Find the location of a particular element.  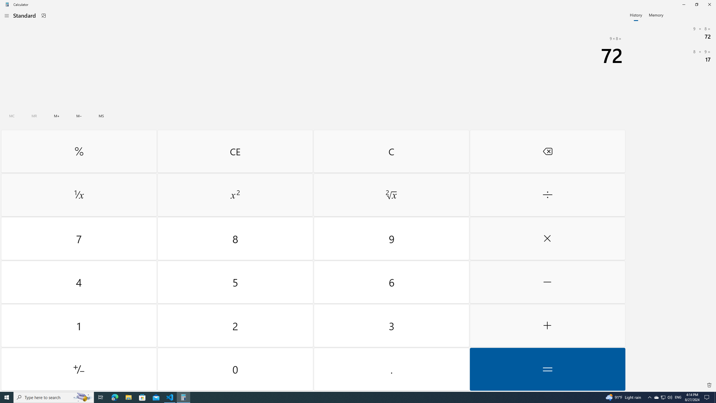

'Clear entry' is located at coordinates (235, 151).